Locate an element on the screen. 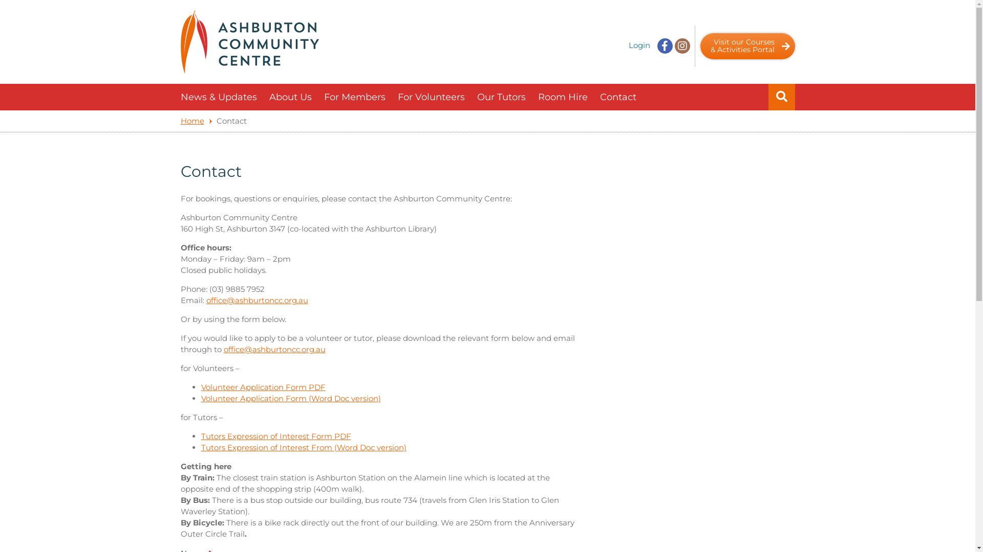 The width and height of the screenshot is (983, 552). 'Volunteer Application Form (Word Doc version)' is located at coordinates (290, 398).